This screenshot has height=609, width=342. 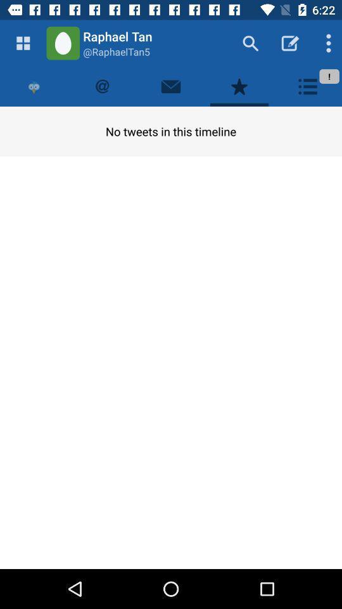 What do you see at coordinates (326, 43) in the screenshot?
I see `the more options icon` at bounding box center [326, 43].